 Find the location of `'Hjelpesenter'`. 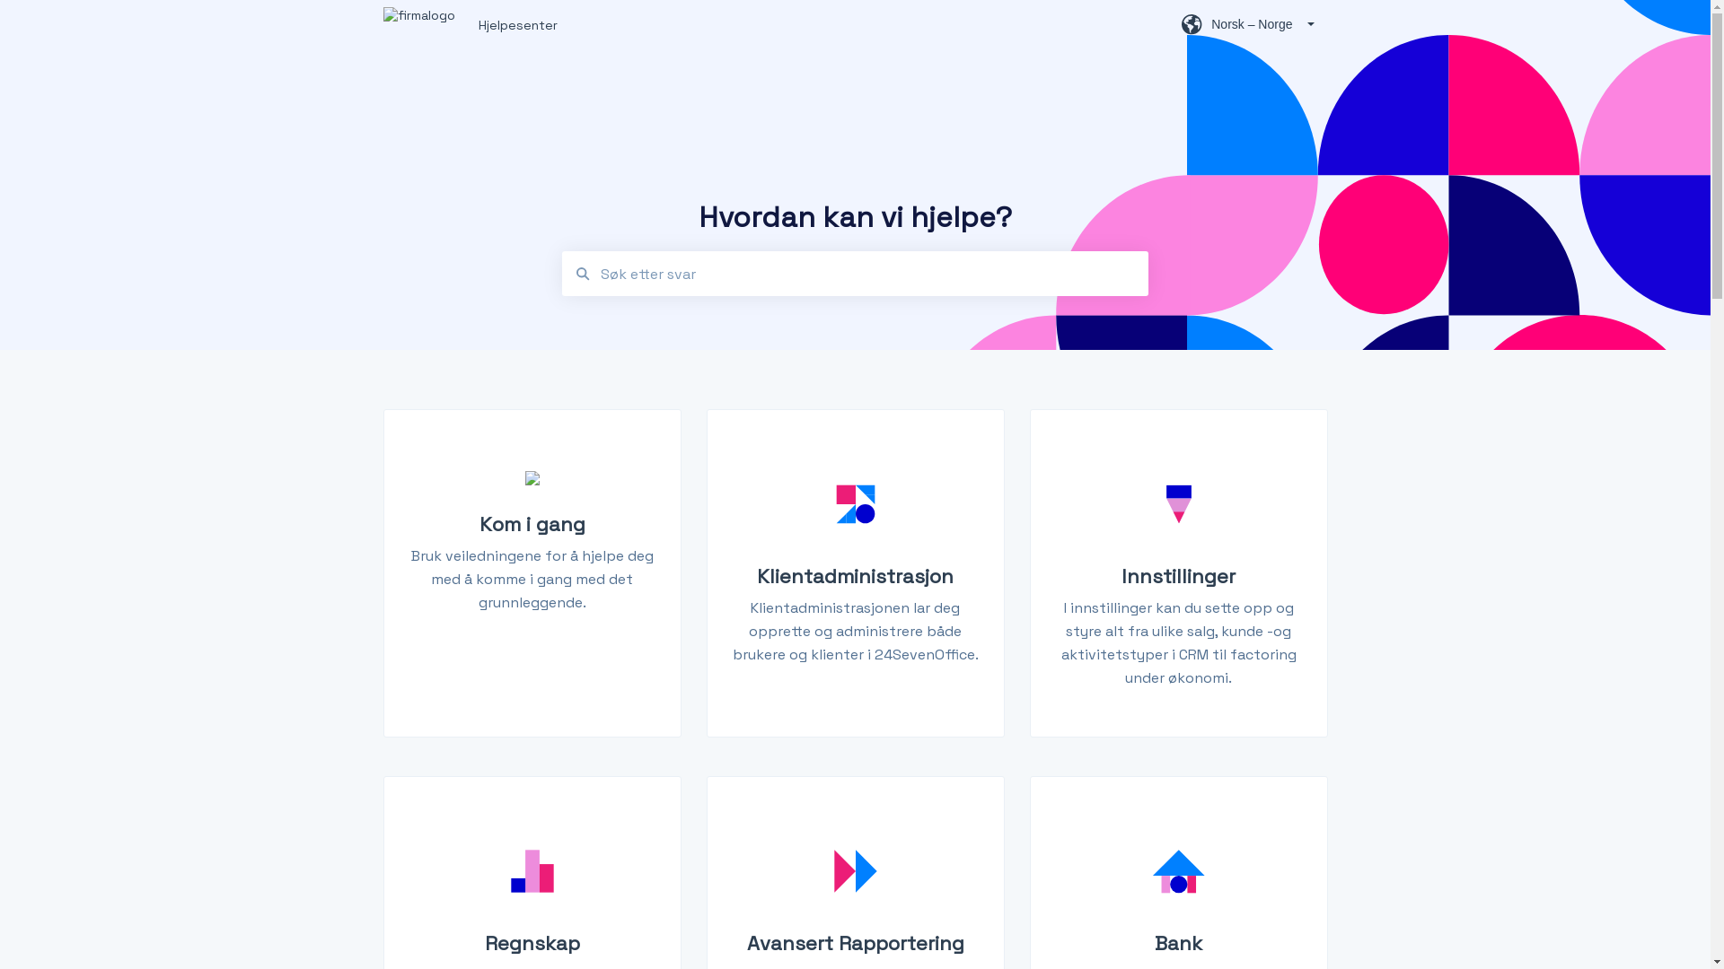

'Hjelpesenter' is located at coordinates (478, 24).